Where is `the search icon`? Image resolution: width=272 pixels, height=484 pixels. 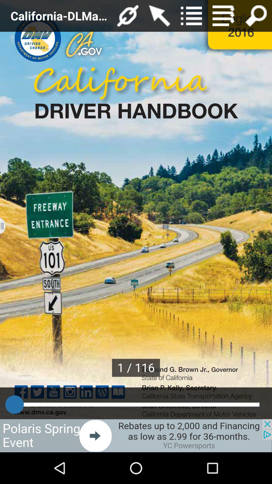 the search icon is located at coordinates (256, 17).